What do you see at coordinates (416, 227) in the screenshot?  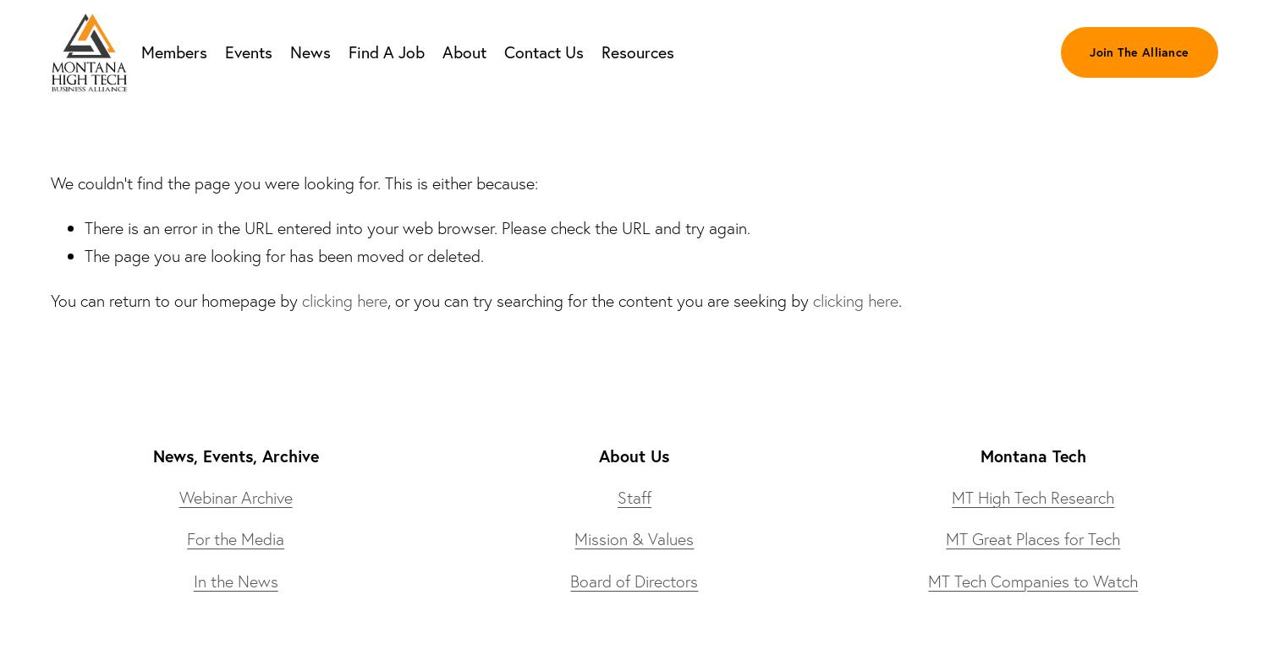 I see `'There is an error in the URL entered into your web browser. Please check the URL and try again.'` at bounding box center [416, 227].